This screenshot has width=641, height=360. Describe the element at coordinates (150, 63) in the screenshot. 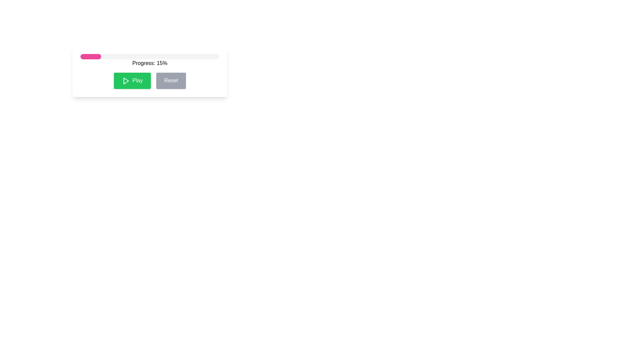

I see `the label displaying 'Progress: 15%' which is center-aligned and bold, located slightly below the progress bar and above the 'Play' and 'Reset' buttons` at that location.